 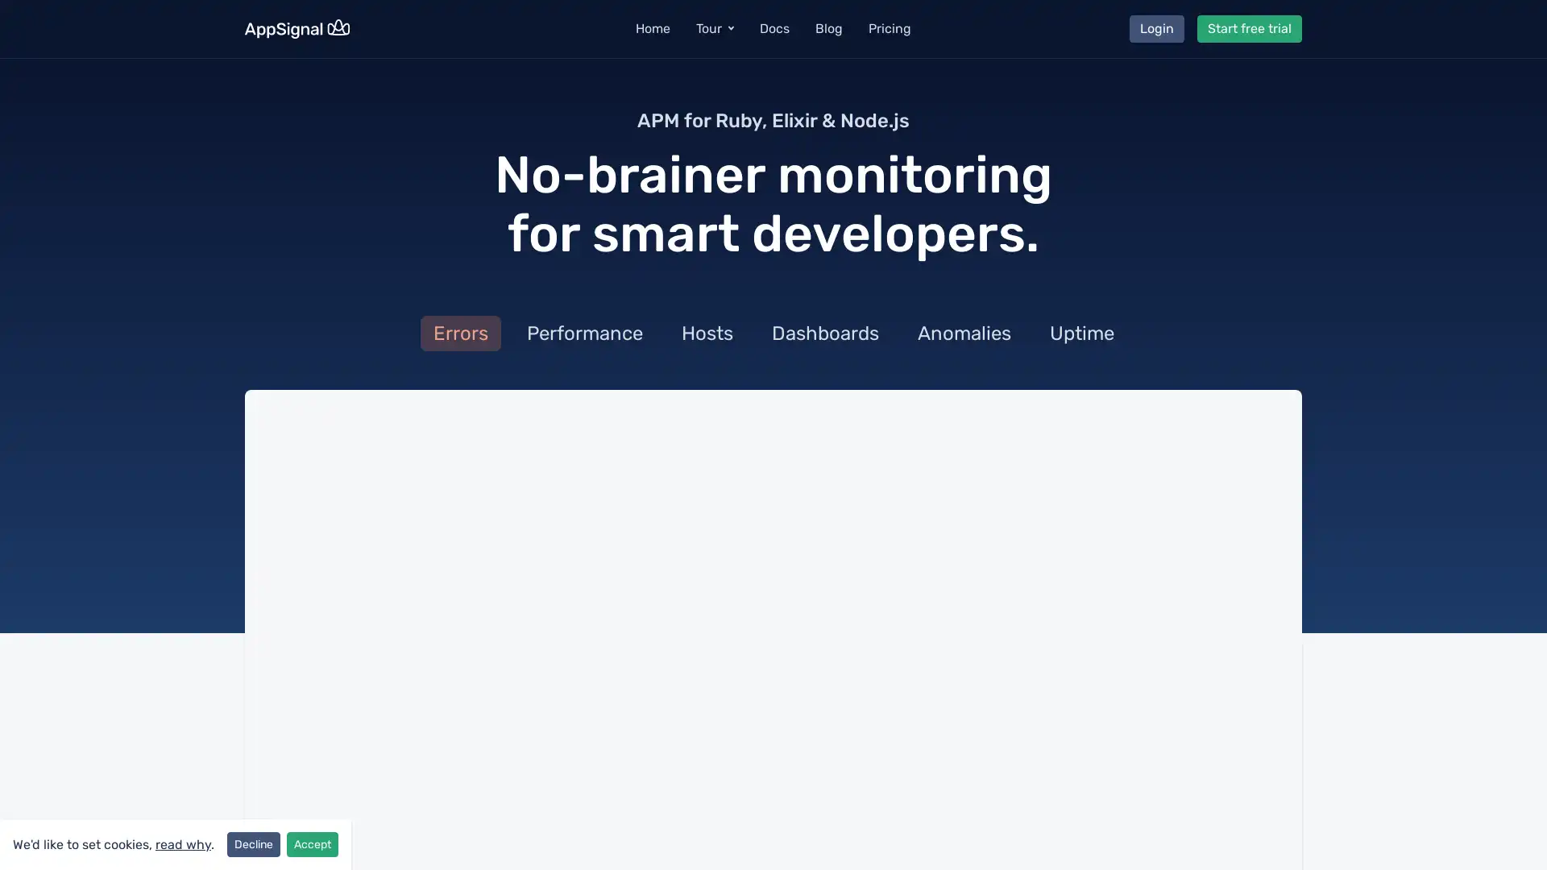 What do you see at coordinates (707, 331) in the screenshot?
I see `Hosts` at bounding box center [707, 331].